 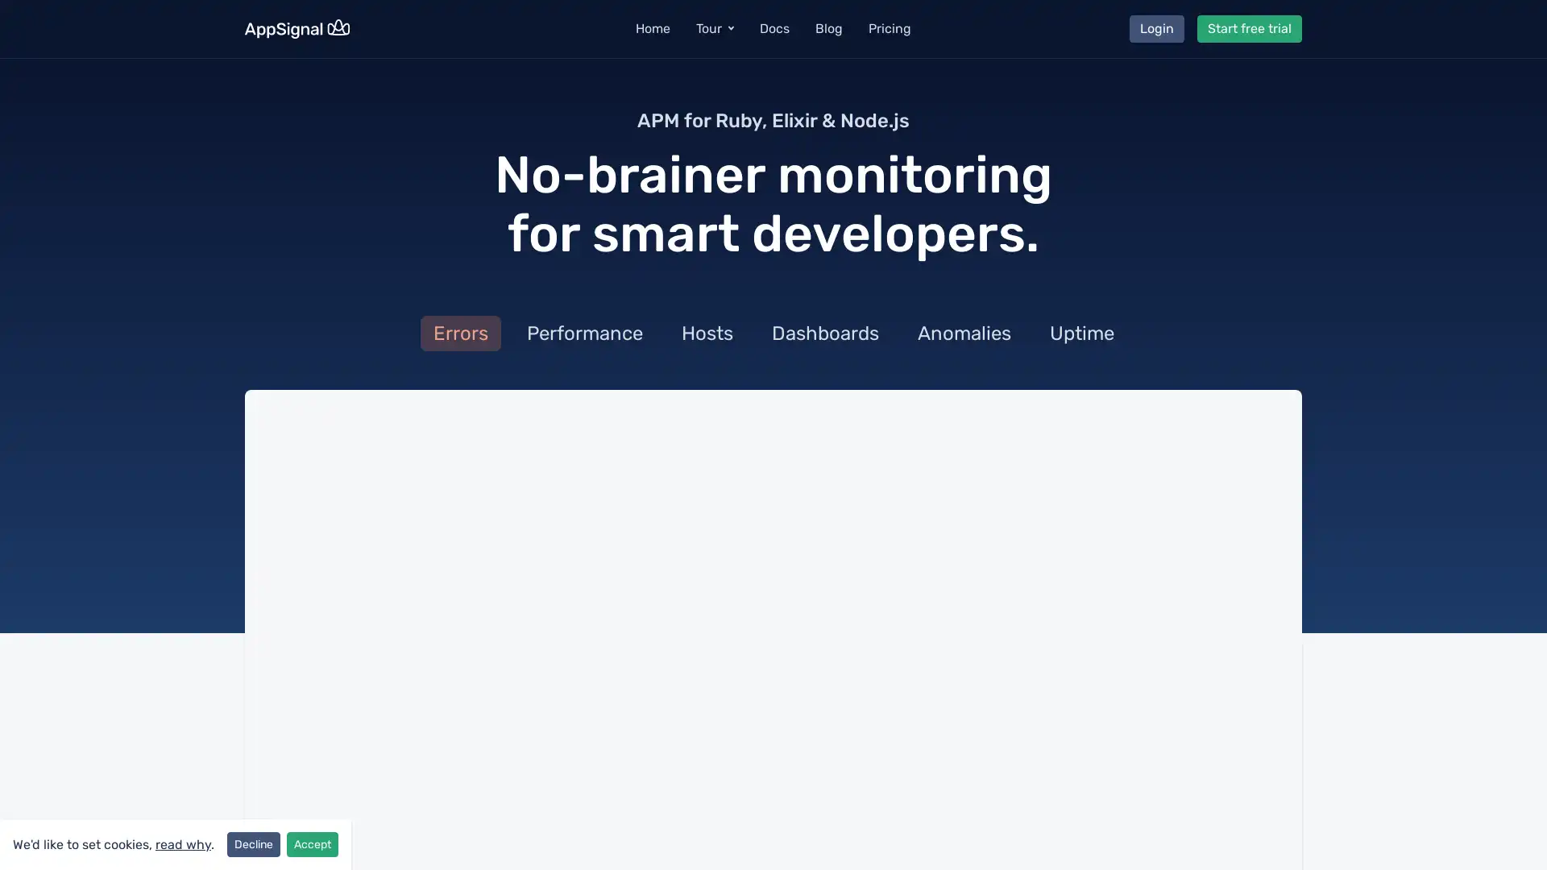 What do you see at coordinates (707, 331) in the screenshot?
I see `Hosts` at bounding box center [707, 331].